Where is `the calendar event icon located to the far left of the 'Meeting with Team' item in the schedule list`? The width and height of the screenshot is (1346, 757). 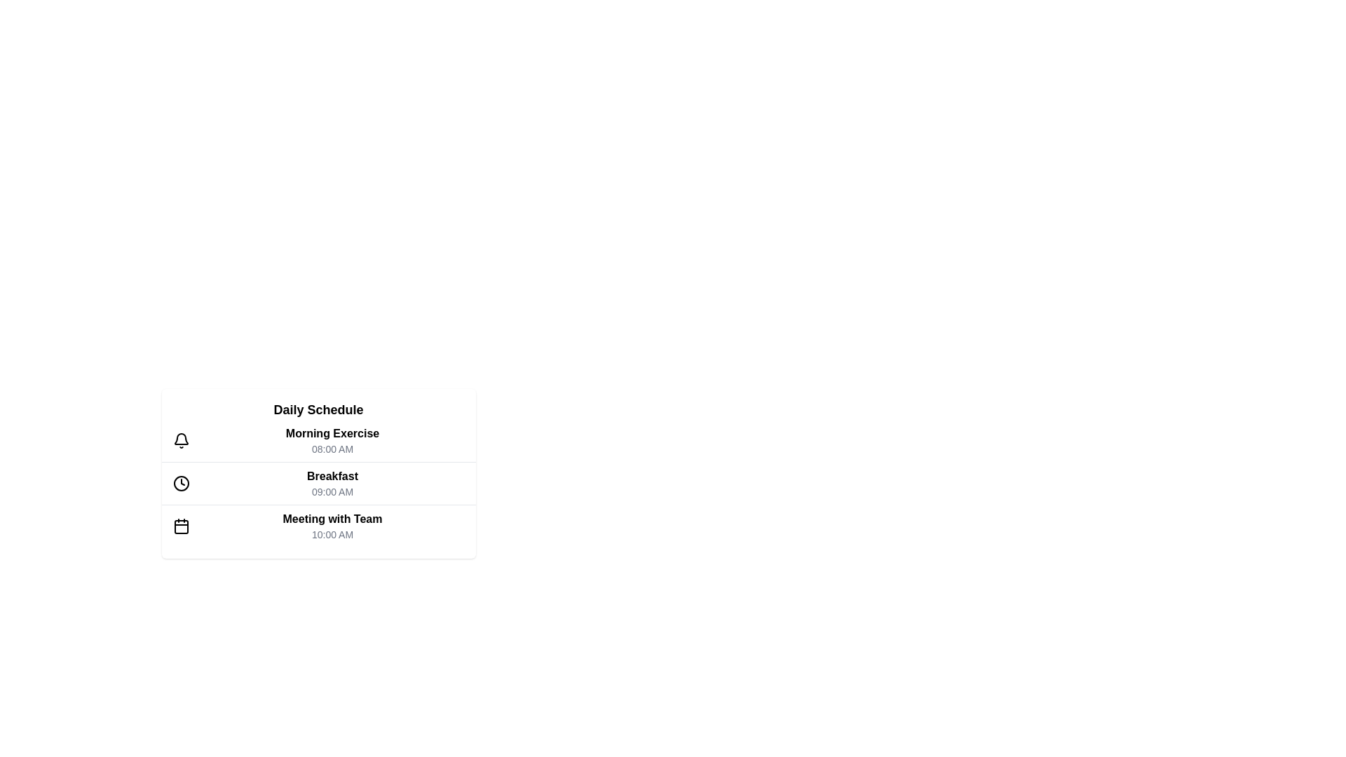
the calendar event icon located to the far left of the 'Meeting with Team' item in the schedule list is located at coordinates (180, 526).